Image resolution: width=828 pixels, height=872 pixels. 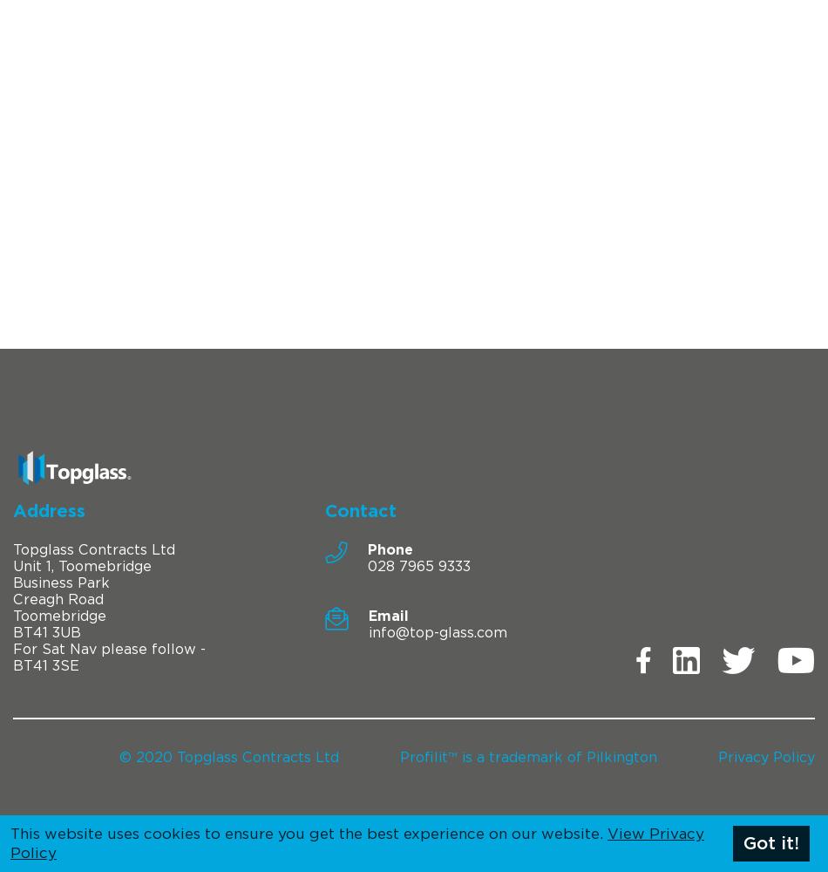 I want to click on 'BT41 3UB', so click(x=46, y=631).